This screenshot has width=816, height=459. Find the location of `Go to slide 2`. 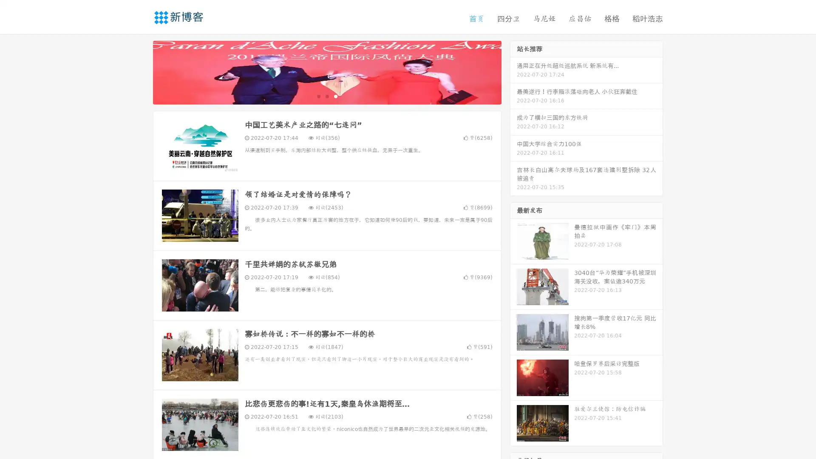

Go to slide 2 is located at coordinates (326, 96).